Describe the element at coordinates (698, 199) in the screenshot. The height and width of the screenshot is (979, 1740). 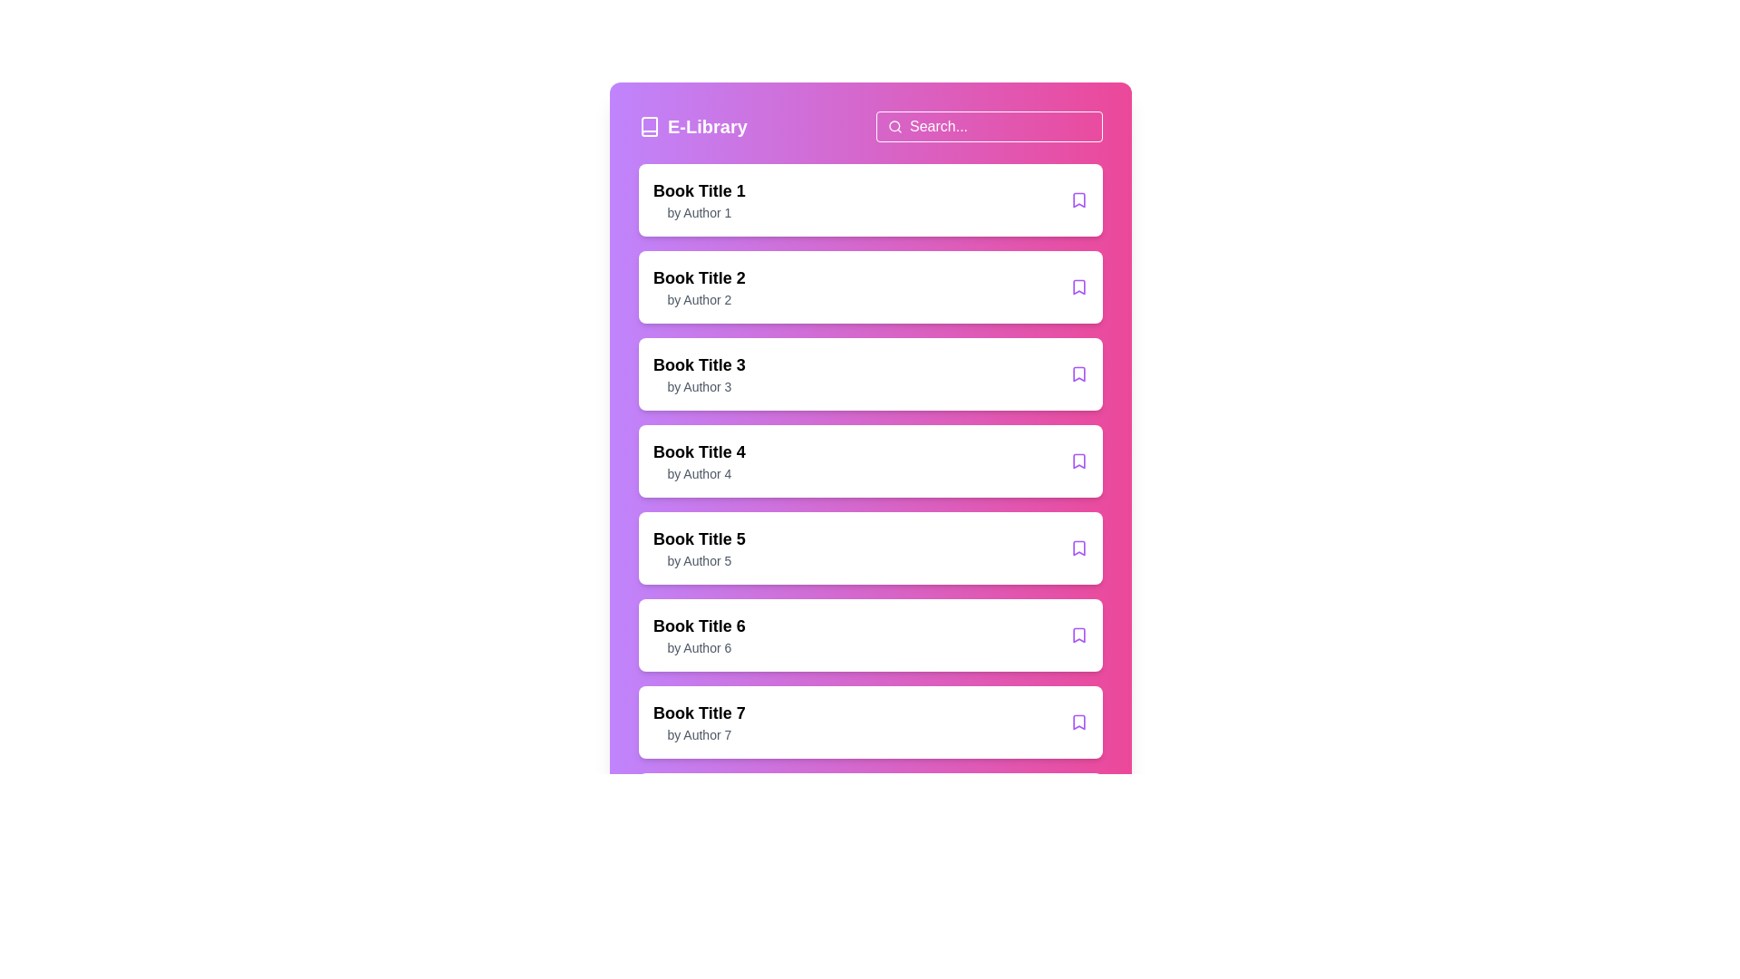
I see `the textual content that displays 'Book Title 1' and 'by Author 1', located in the first item of the vertical list in the E-Library section` at that location.